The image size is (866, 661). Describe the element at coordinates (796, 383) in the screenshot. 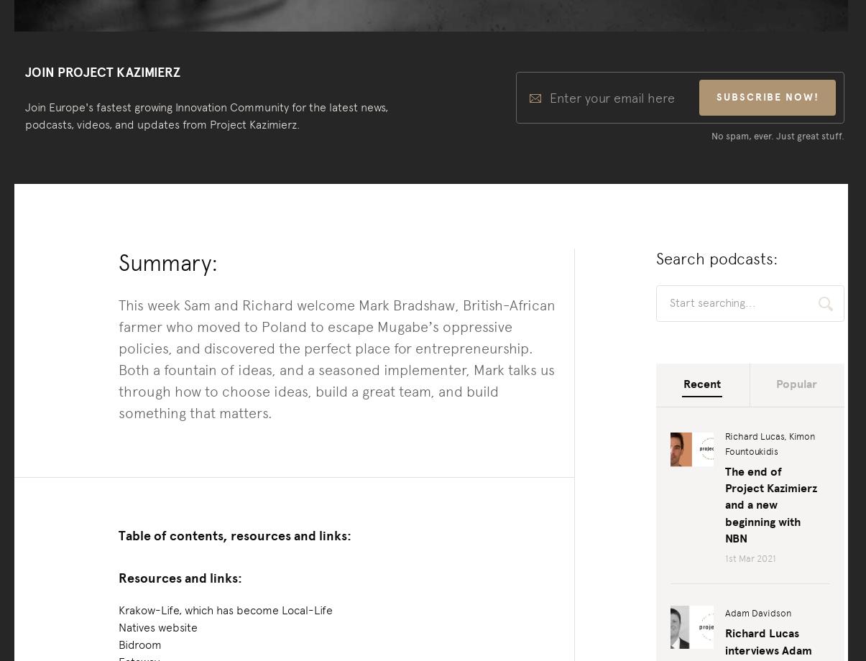

I see `'Popular'` at that location.